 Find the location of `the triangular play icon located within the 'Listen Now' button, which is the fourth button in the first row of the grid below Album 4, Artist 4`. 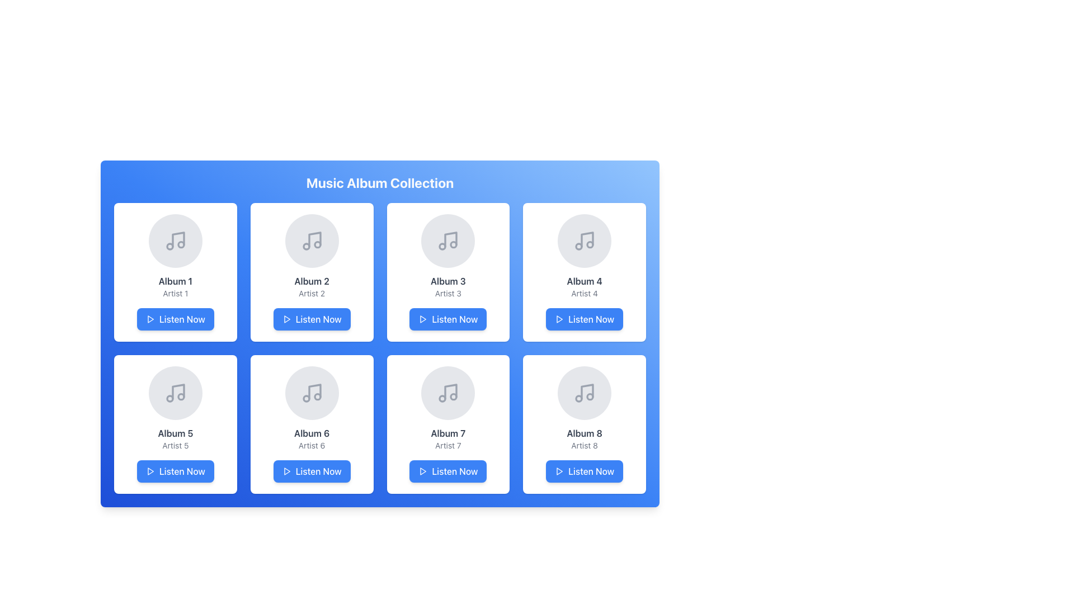

the triangular play icon located within the 'Listen Now' button, which is the fourth button in the first row of the grid below Album 4, Artist 4 is located at coordinates (559, 319).